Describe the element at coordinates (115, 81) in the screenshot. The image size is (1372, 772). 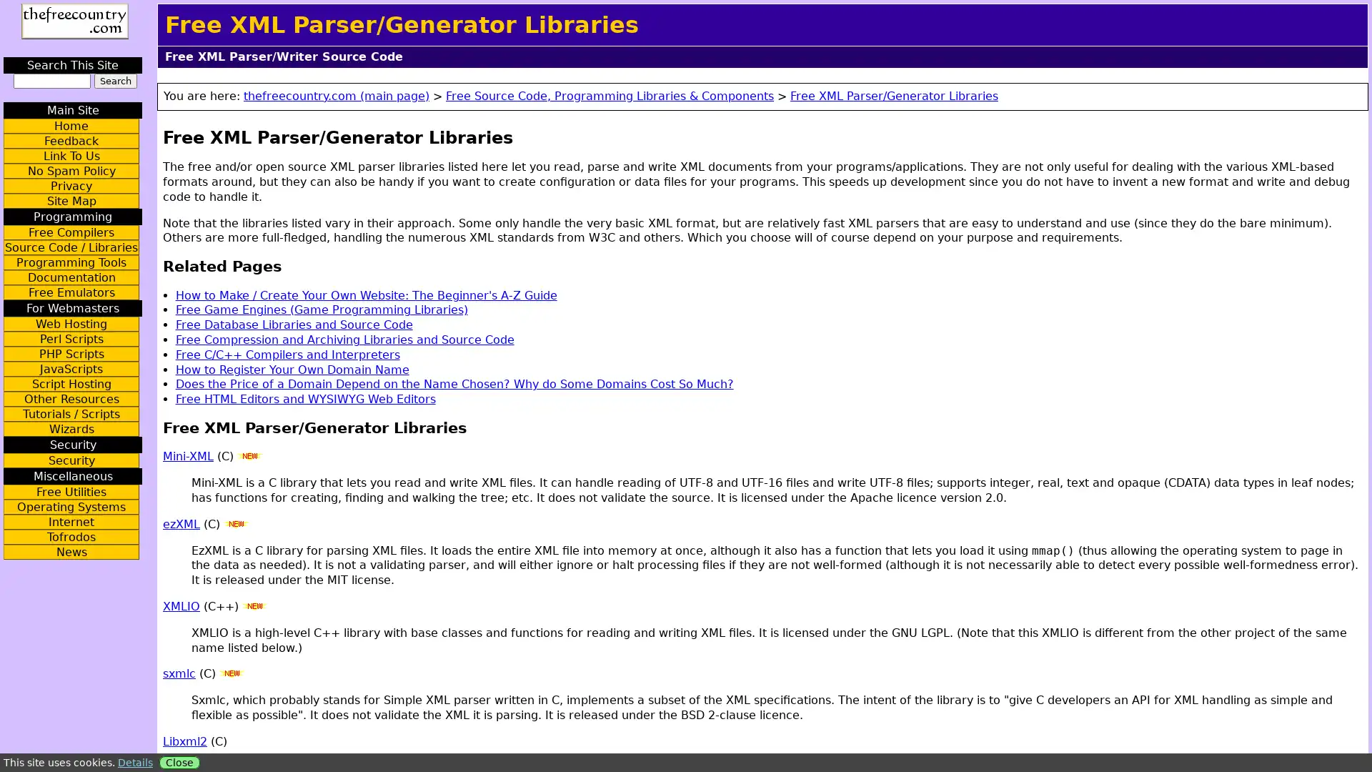
I see `Search` at that location.